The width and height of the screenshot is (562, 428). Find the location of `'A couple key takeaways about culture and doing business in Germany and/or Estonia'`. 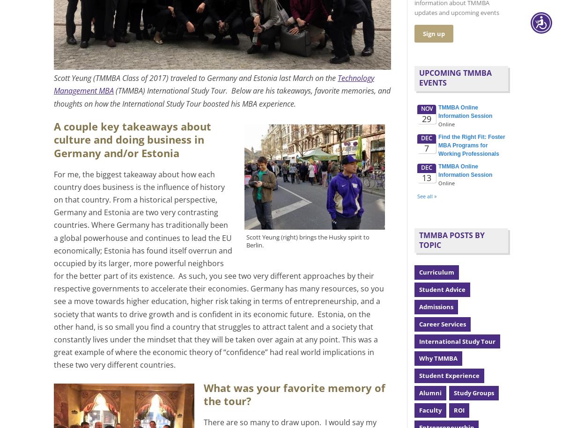

'A couple key takeaways about culture and doing business in Germany and/or Estonia' is located at coordinates (132, 139).